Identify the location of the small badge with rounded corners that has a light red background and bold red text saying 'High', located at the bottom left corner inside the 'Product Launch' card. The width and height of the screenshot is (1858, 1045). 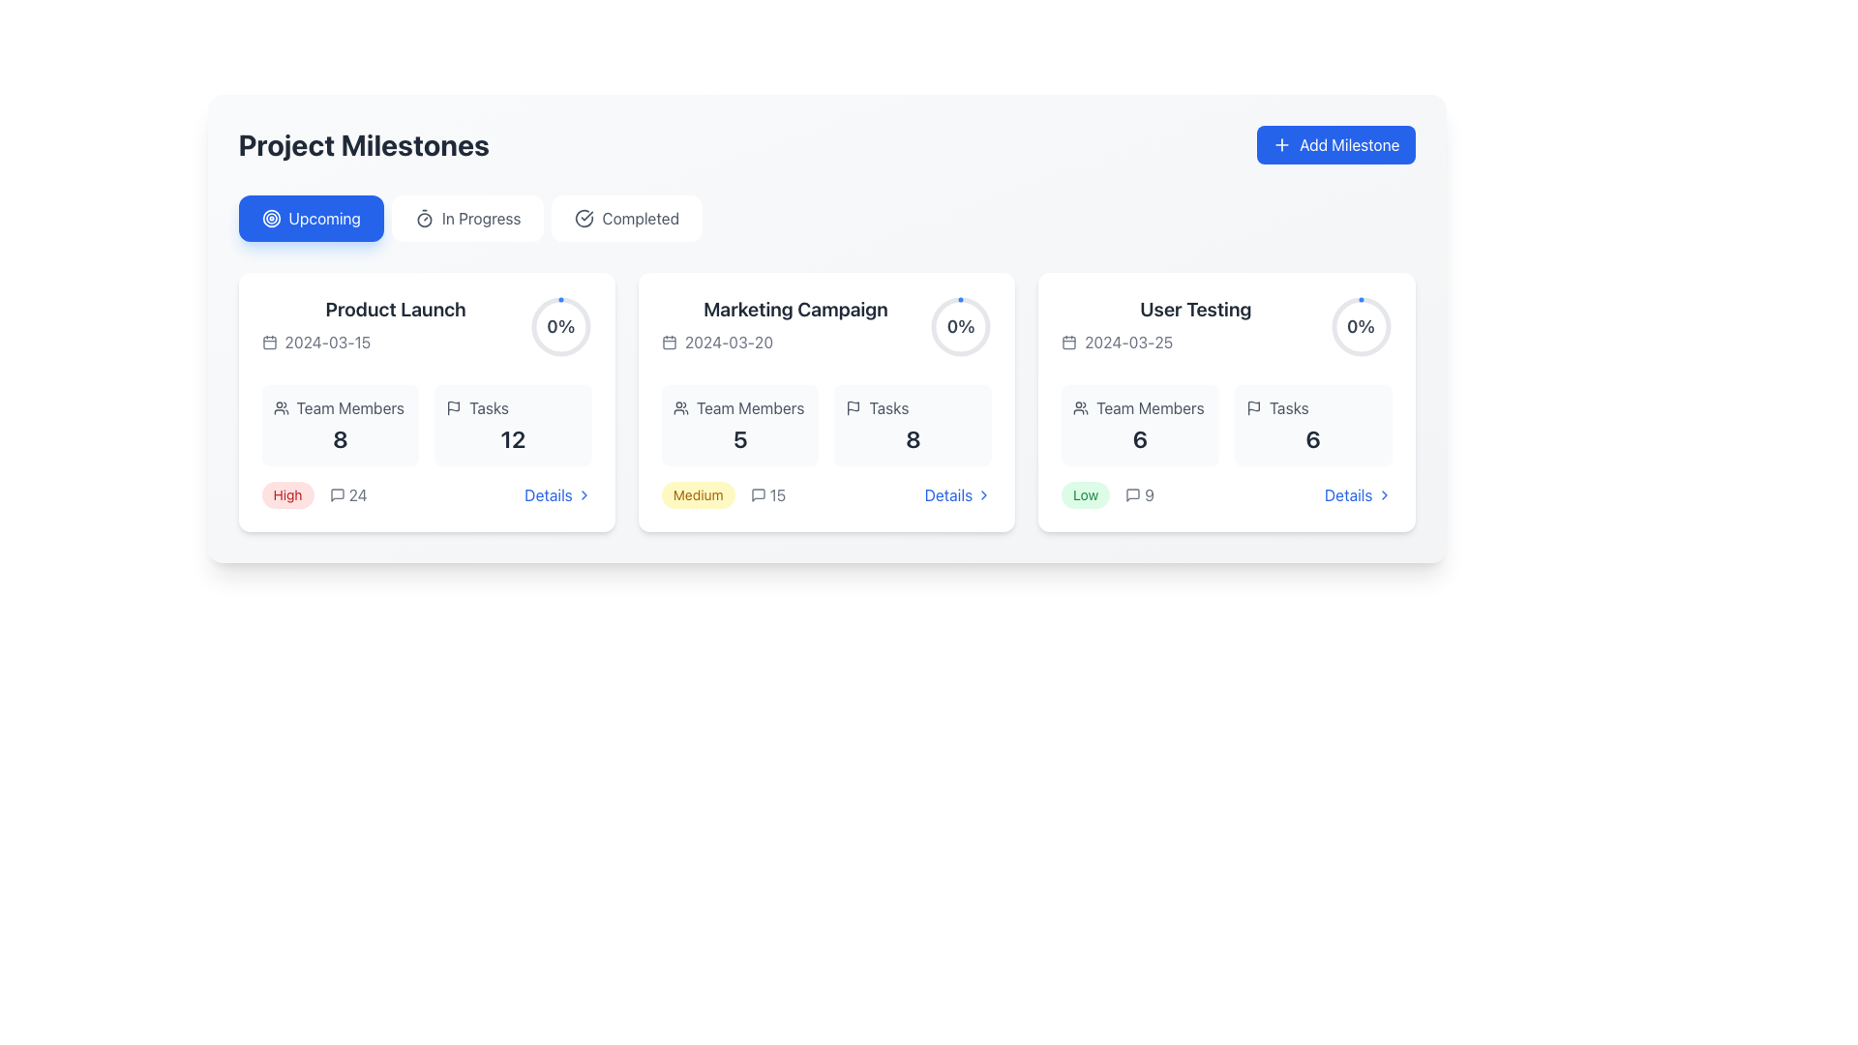
(286, 494).